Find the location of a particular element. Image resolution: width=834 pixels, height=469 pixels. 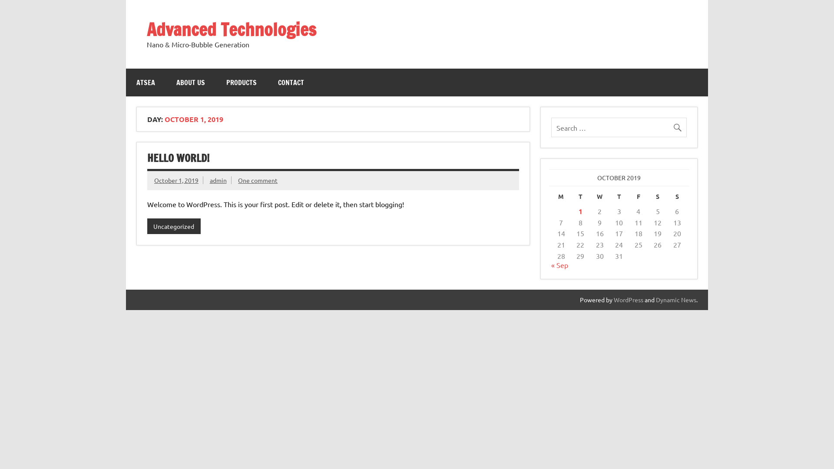

'One comment' is located at coordinates (257, 180).